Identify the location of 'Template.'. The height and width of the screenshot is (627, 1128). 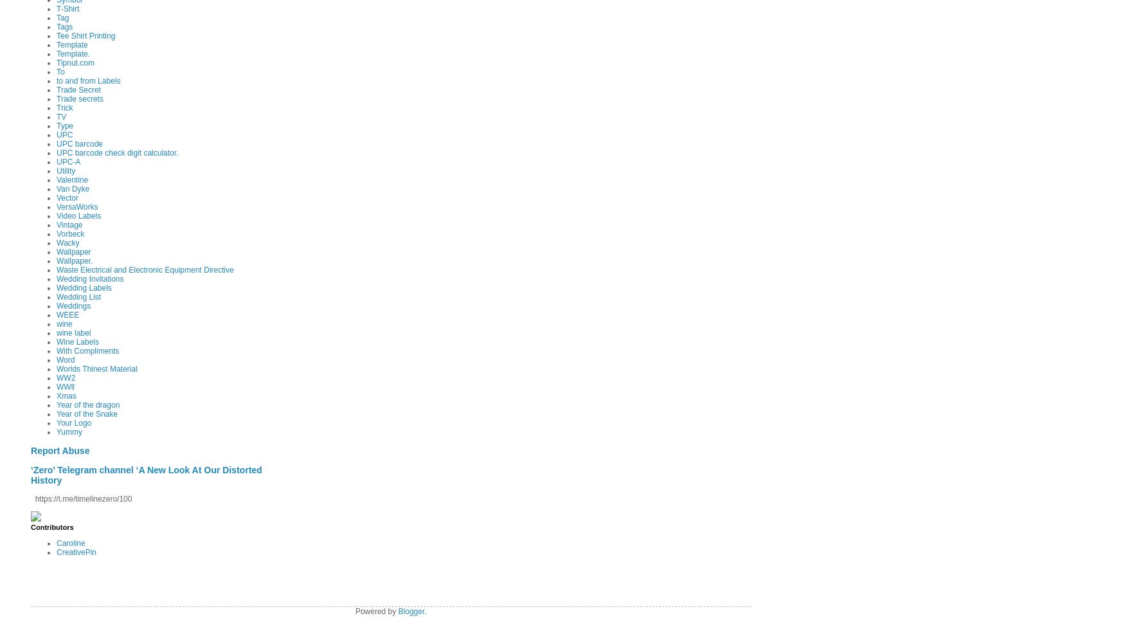
(73, 53).